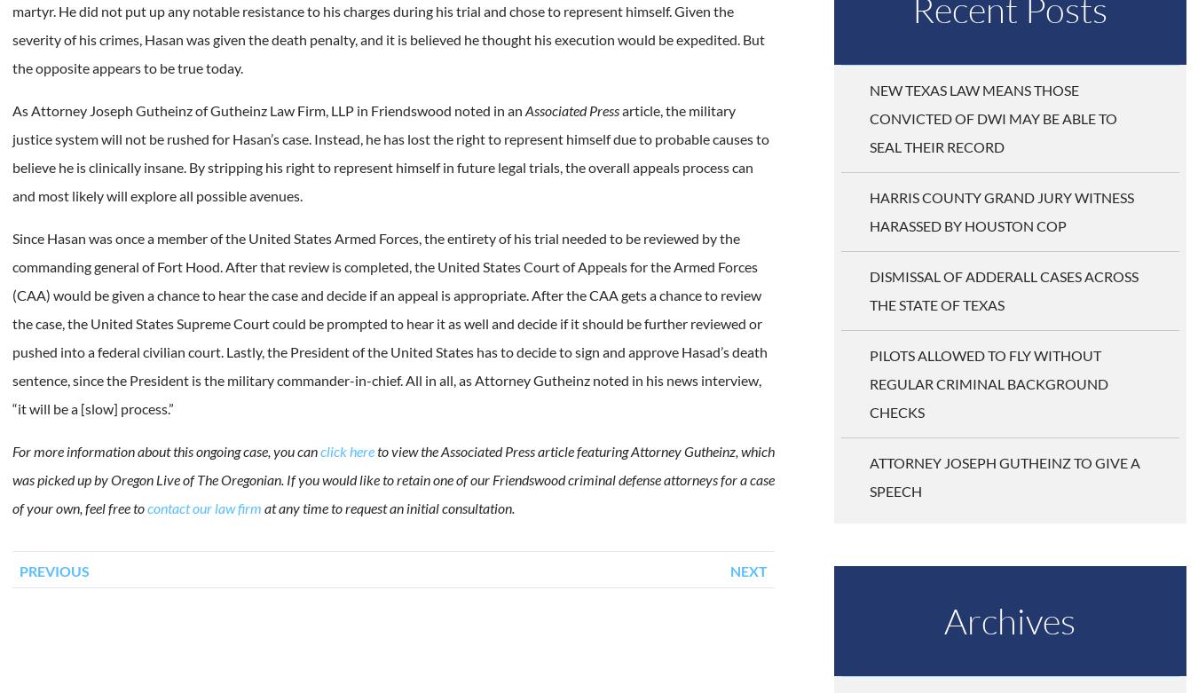 This screenshot has width=1198, height=693. What do you see at coordinates (388, 507) in the screenshot?
I see `'at any time to request an initial consultation.'` at bounding box center [388, 507].